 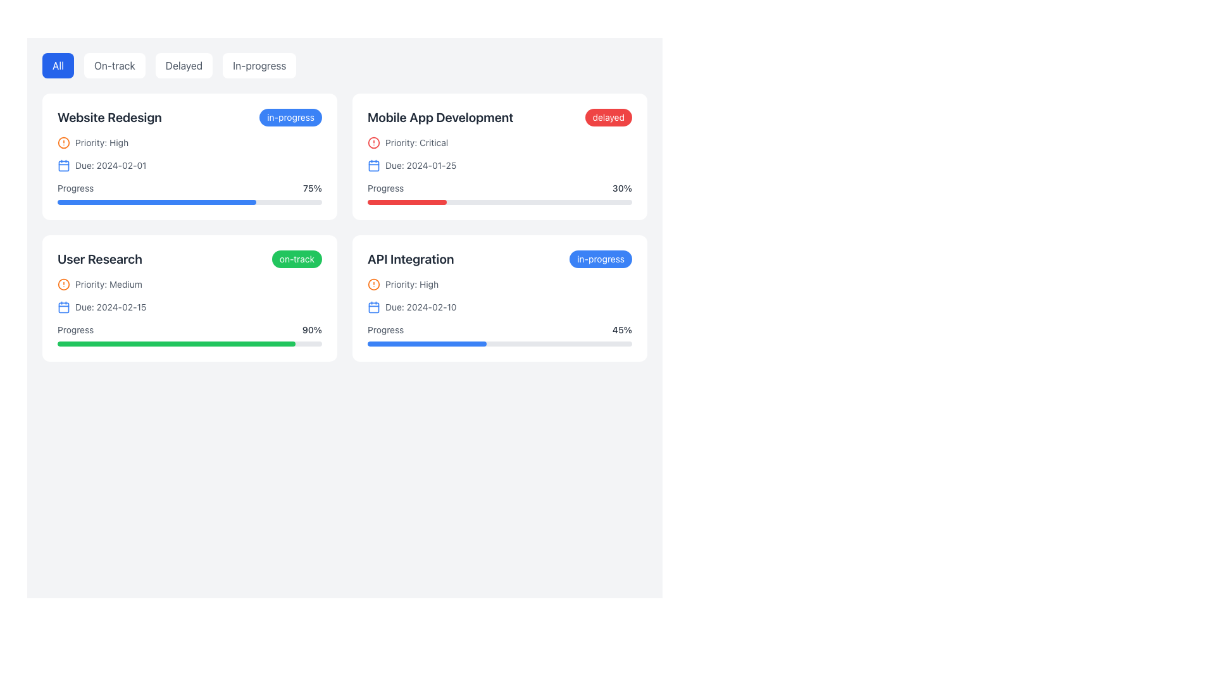 What do you see at coordinates (189, 334) in the screenshot?
I see `the interactive labels of the progress bar labeled 'Progress' and '90%' located in the bottom left card labeled 'User Research'` at bounding box center [189, 334].